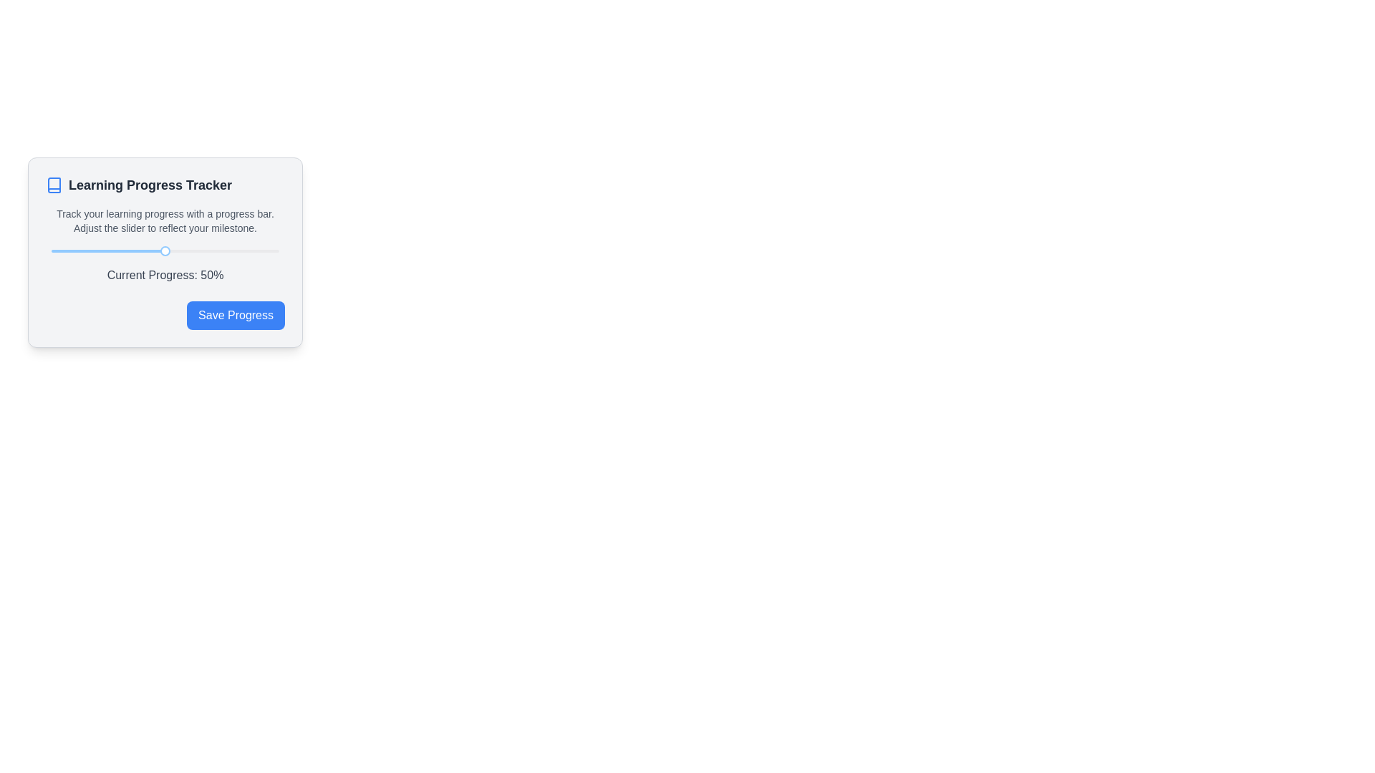 The height and width of the screenshot is (773, 1375). What do you see at coordinates (165, 314) in the screenshot?
I see `the blue 'Save Progress' button with rounded corners` at bounding box center [165, 314].